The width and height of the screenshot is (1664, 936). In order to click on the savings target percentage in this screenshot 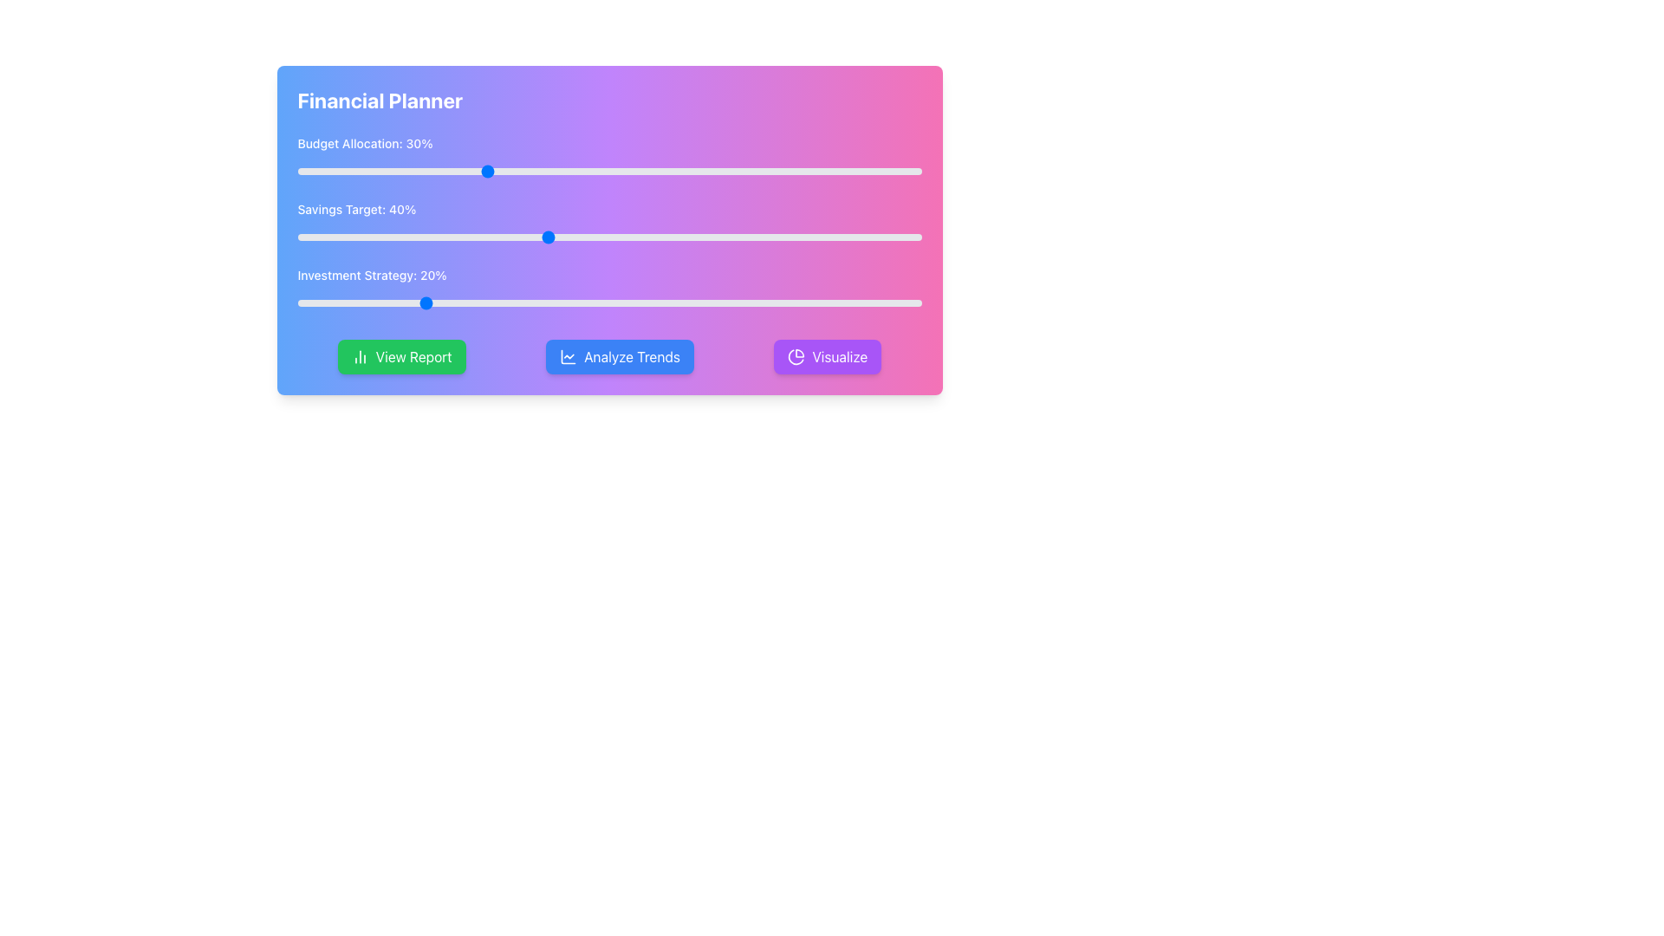, I will do `click(796, 237)`.